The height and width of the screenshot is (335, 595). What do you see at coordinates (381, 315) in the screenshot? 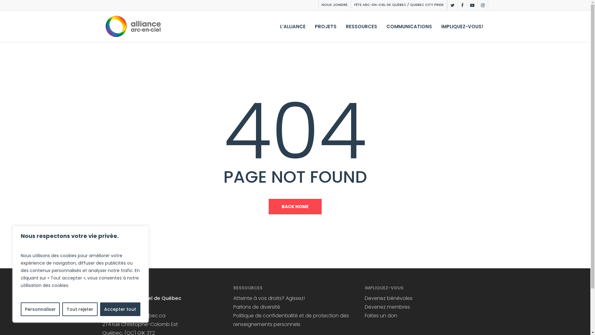
I see `'Faites un don'` at bounding box center [381, 315].